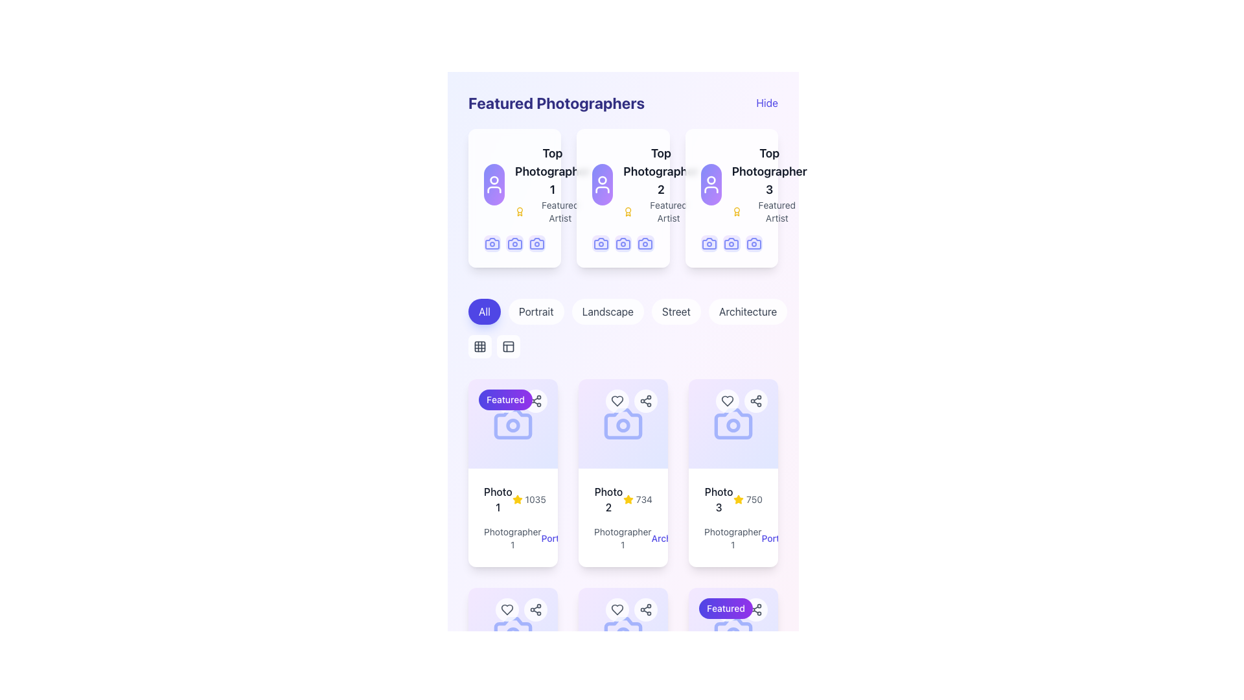  Describe the element at coordinates (617, 400) in the screenshot. I see `the heart-shaped icon representing liking or favoritism, located in the second row of the item grid, specifically the third interactive icon in the top-right corner of the 'Photo 2' card` at that location.